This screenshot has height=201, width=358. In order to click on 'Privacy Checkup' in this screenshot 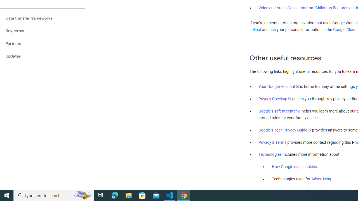, I will do `click(275, 98)`.